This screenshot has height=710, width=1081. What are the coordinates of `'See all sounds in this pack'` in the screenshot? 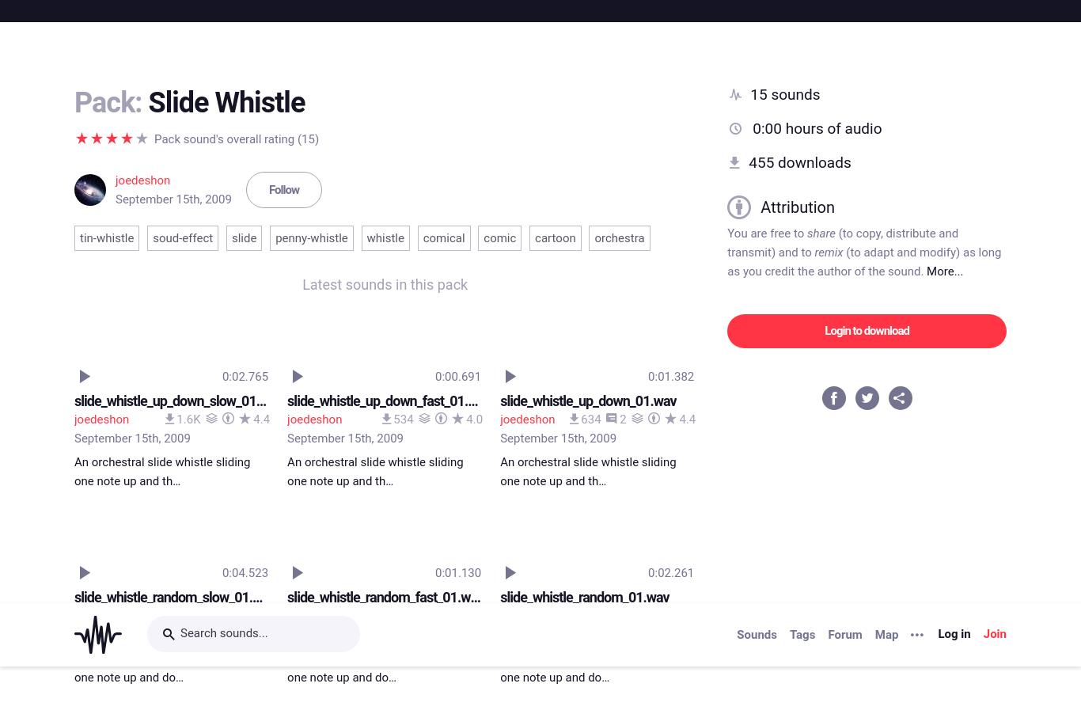 It's located at (385, 526).